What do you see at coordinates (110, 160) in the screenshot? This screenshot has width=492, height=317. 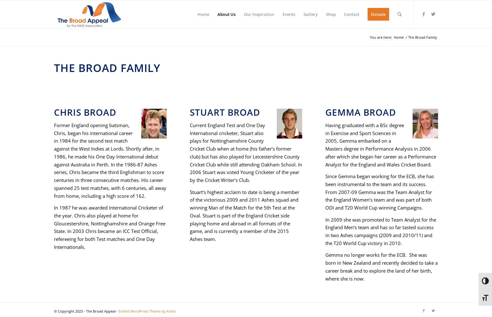 I see `'Former England opening batsman, Chris, began his international career in 1984 for the second test match against the West Indies at Lords. Shortly after, in 1986, he made his One Day International debut against Australia in Perth. In the 1986-87 Ashes series, Chris became the third Englishman to score centuries in three consecutive matches. His career spanned 25 test matches, with 6 centuries, all away from home, including a high score of 162.'` at bounding box center [110, 160].